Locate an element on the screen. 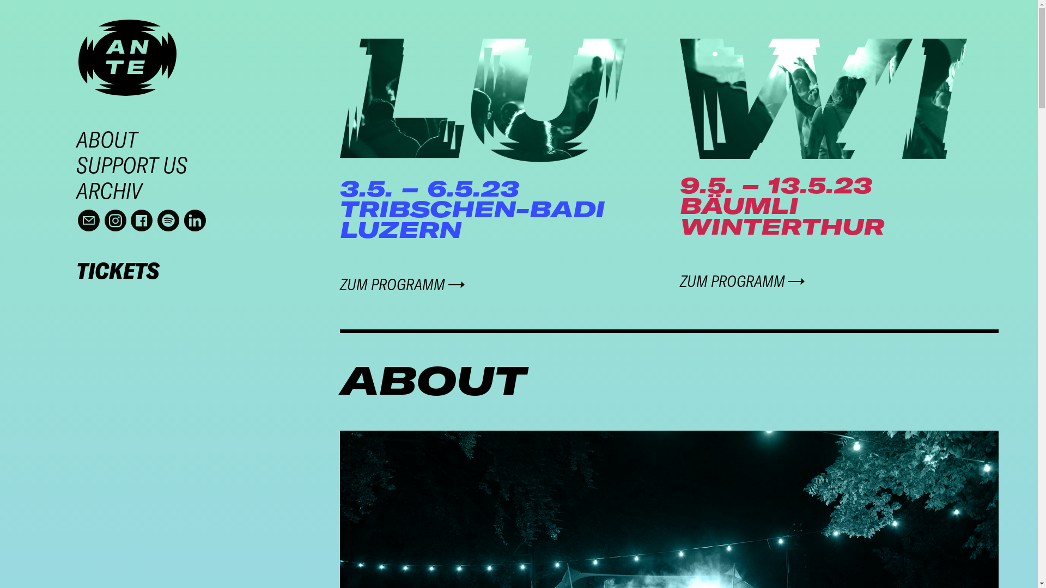 Image resolution: width=1046 pixels, height=588 pixels. 'TICKETS' is located at coordinates (117, 270).